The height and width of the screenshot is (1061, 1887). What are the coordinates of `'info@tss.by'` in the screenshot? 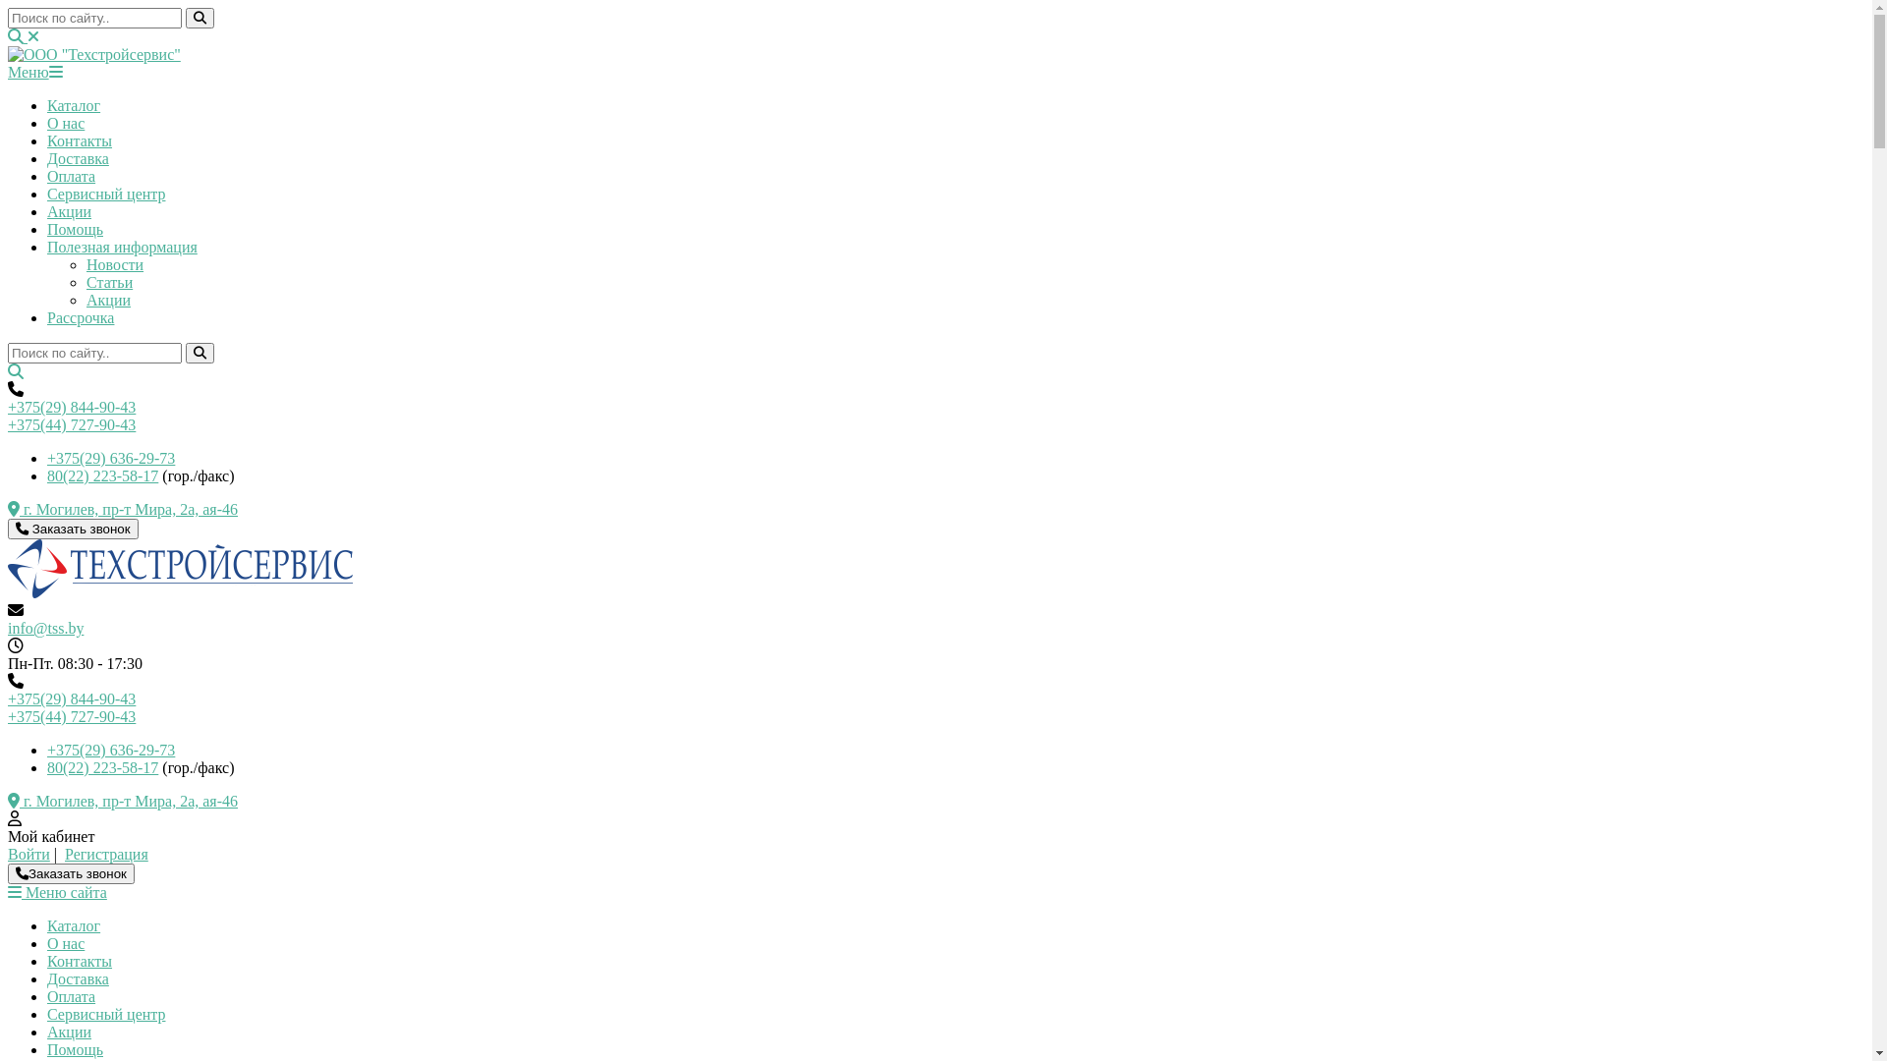 It's located at (45, 628).